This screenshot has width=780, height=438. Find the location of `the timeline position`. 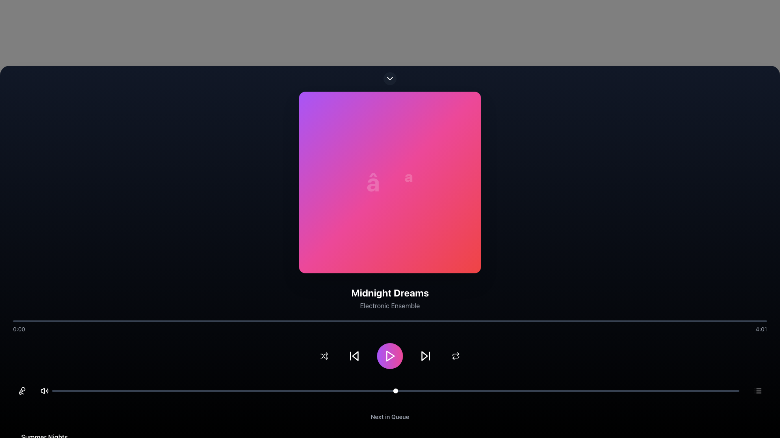

the timeline position is located at coordinates (381, 391).